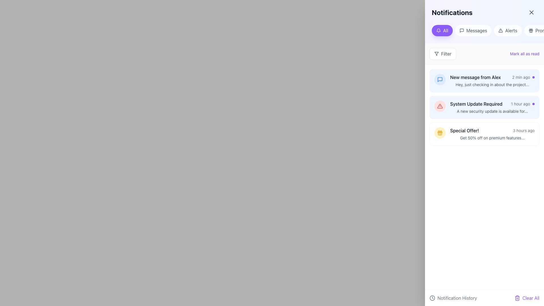 This screenshot has height=306, width=544. What do you see at coordinates (530, 31) in the screenshot?
I see `the 'Promotions' icon located at the top-right corner of the 'Notifications' panel, which visually represents promotional offers and is positioned before the 'Promotions' label` at bounding box center [530, 31].